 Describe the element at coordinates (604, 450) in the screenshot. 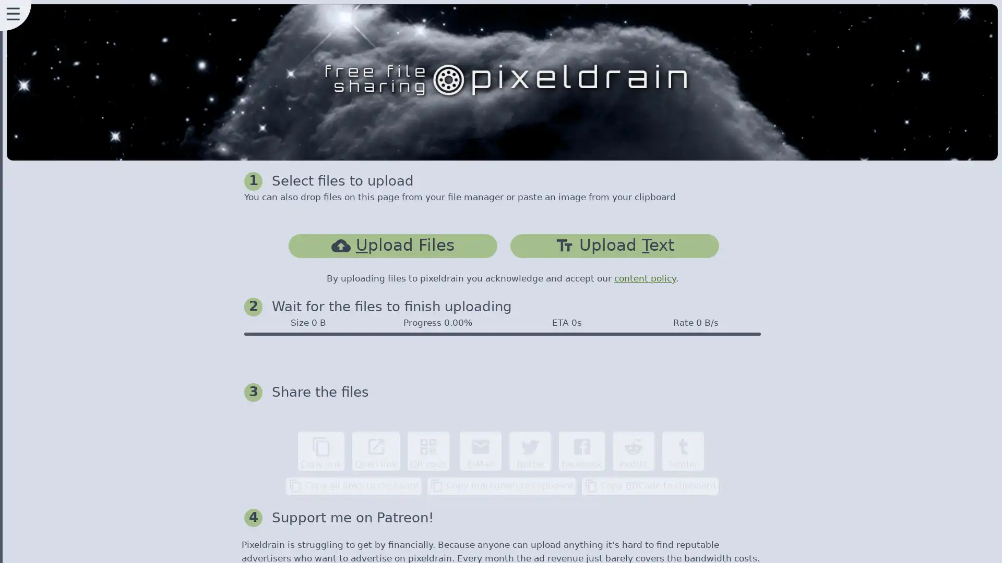

I see `Twitter` at that location.